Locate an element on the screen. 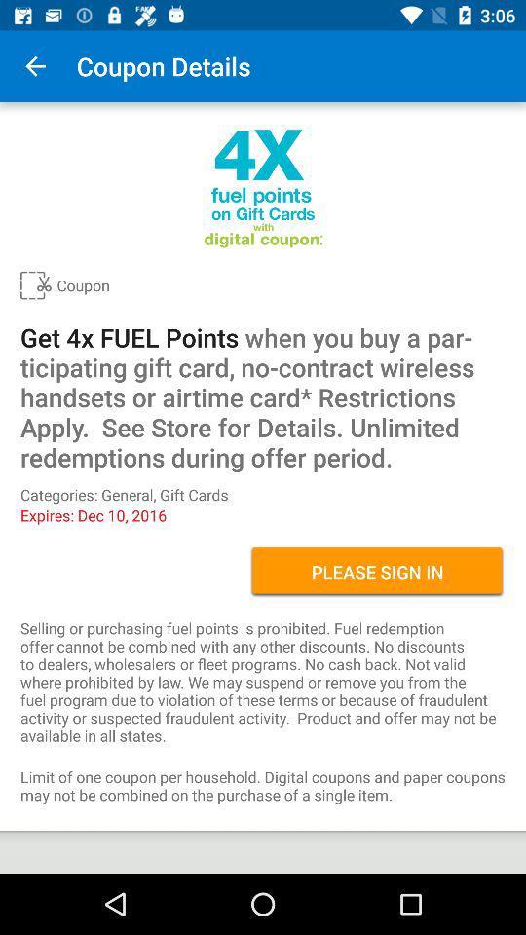 Image resolution: width=526 pixels, height=935 pixels. item above selling or purchasing item is located at coordinates (377, 572).